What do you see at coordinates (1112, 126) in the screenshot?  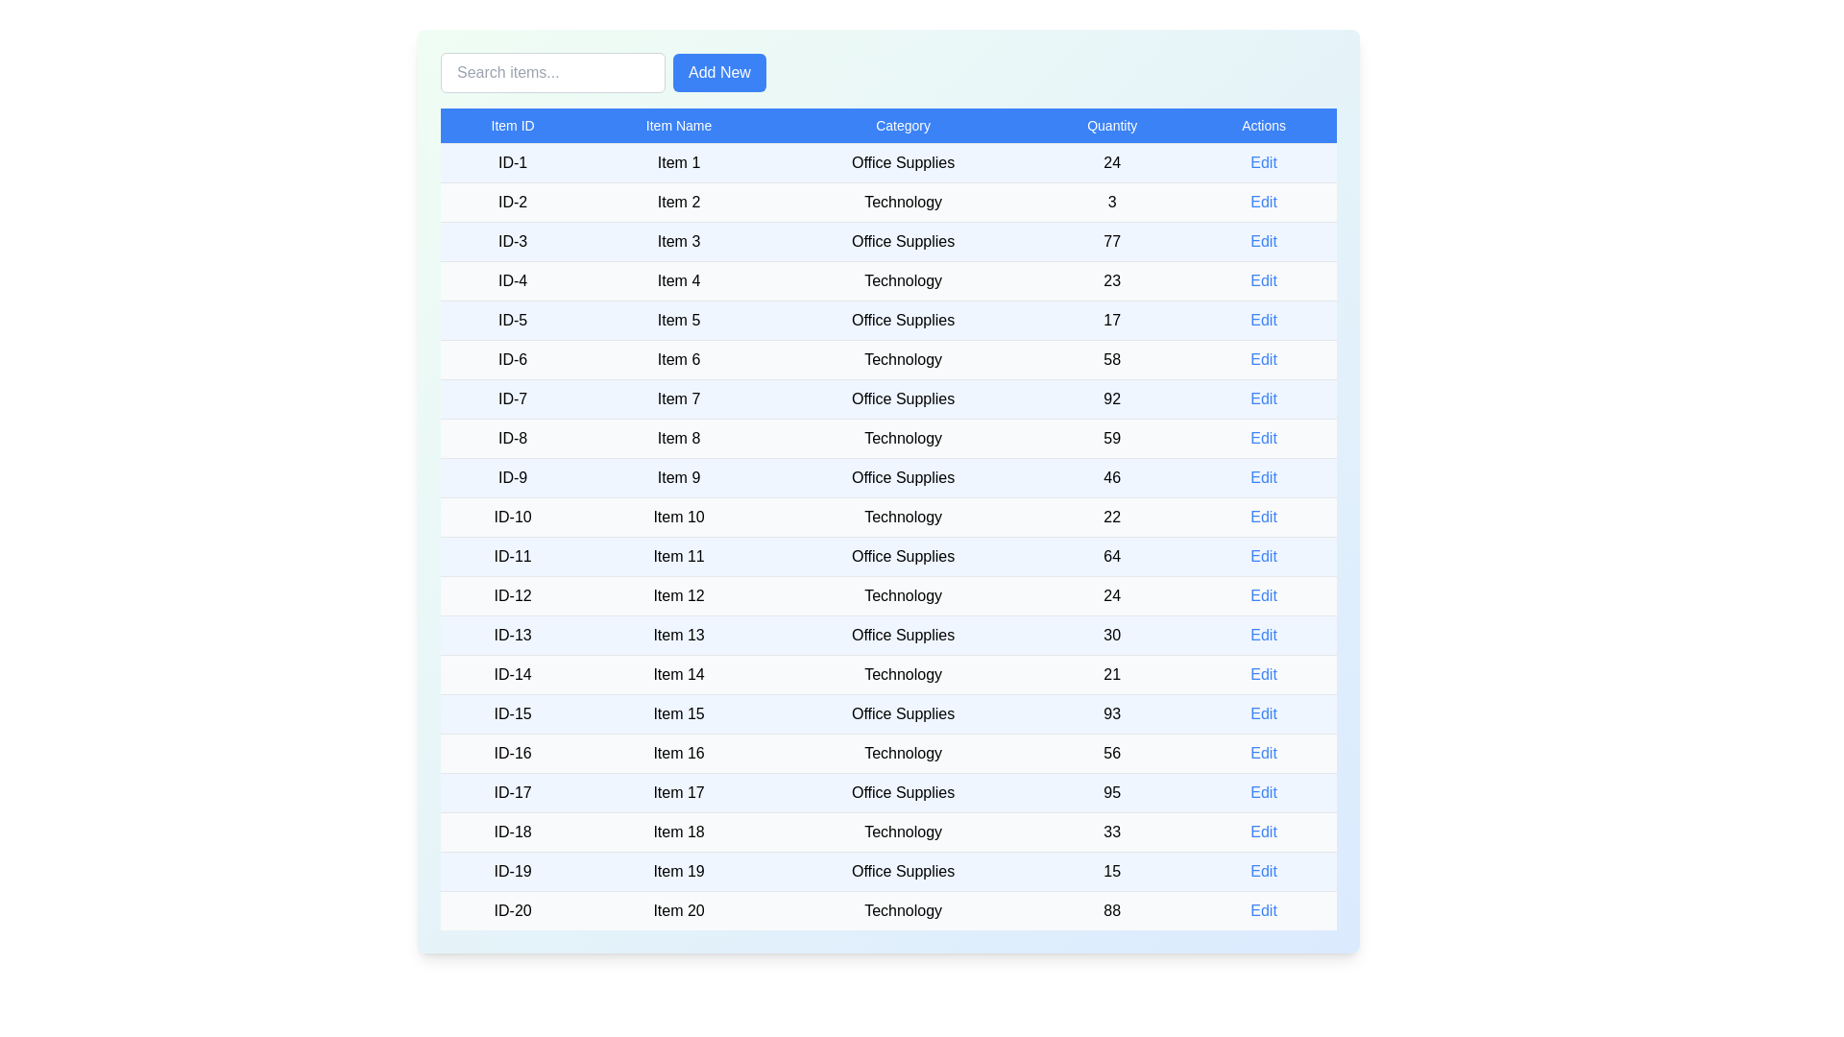 I see `the column header Quantity to sort the table by that column` at bounding box center [1112, 126].